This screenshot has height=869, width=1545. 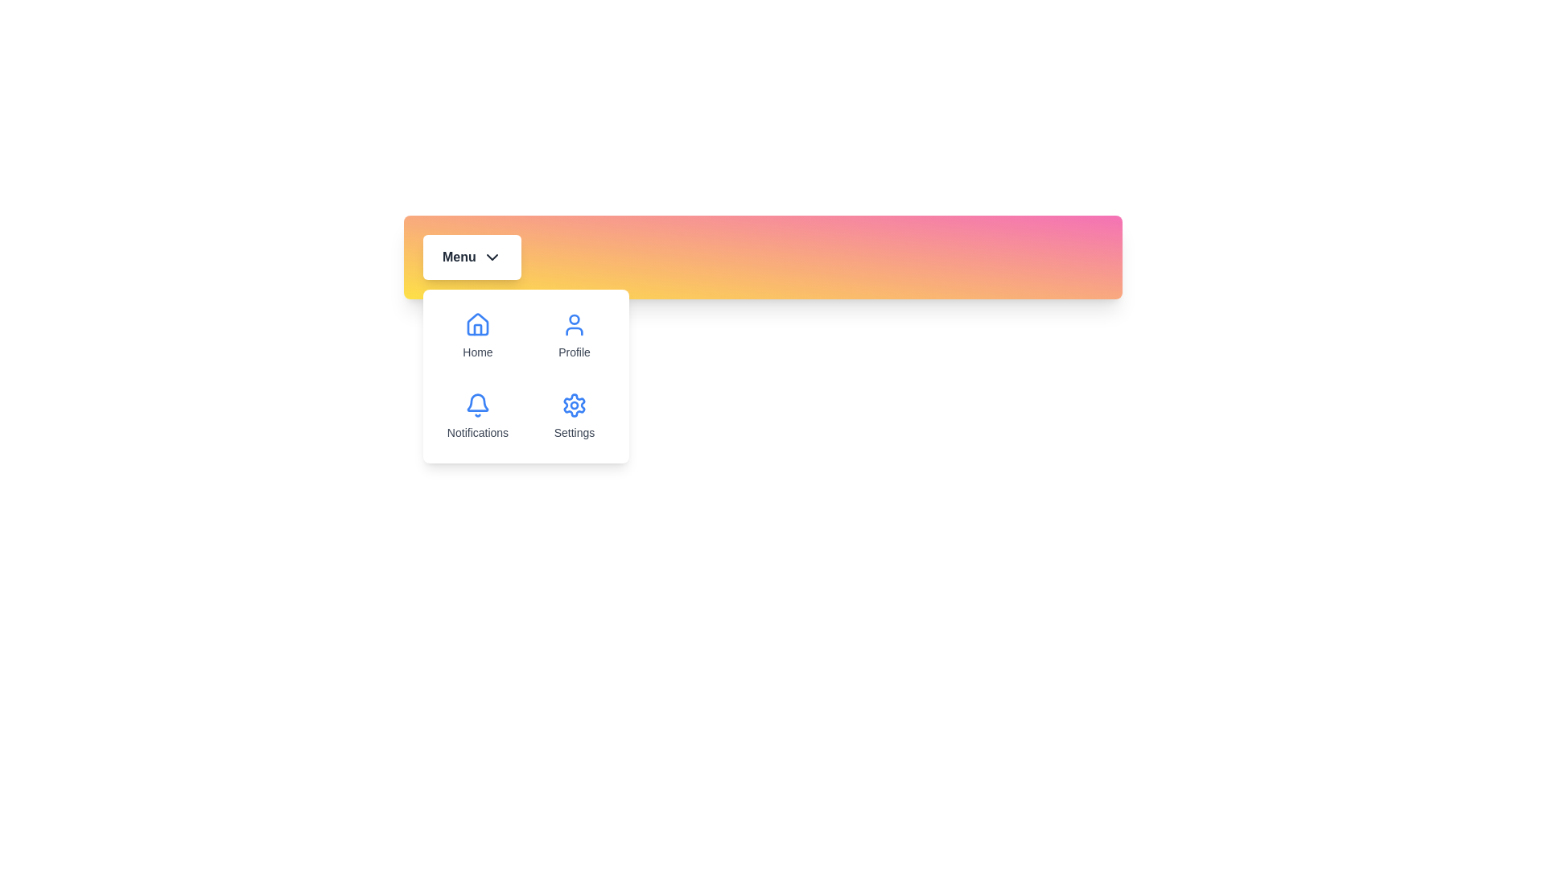 I want to click on the menu option Profile from the dropdown menu, so click(x=575, y=335).